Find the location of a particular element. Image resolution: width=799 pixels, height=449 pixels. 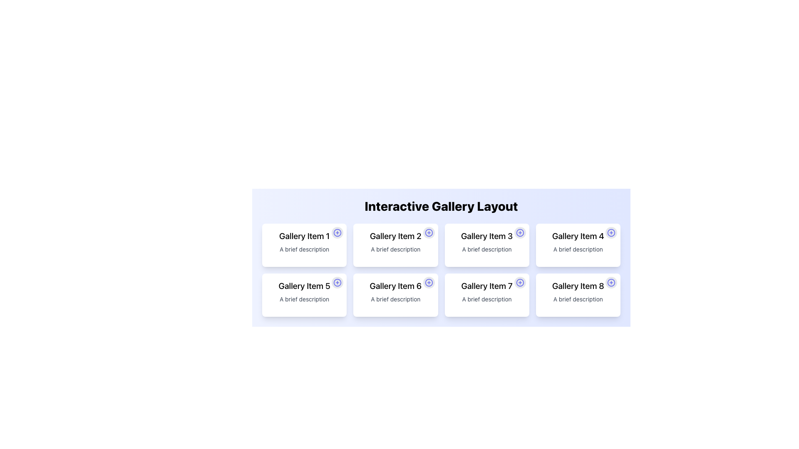

the SVG circle element that visually represents part of the SVG icon in the header of the second gallery item, located to the right of the text labeled 'Gallery Item 2' is located at coordinates (429, 232).